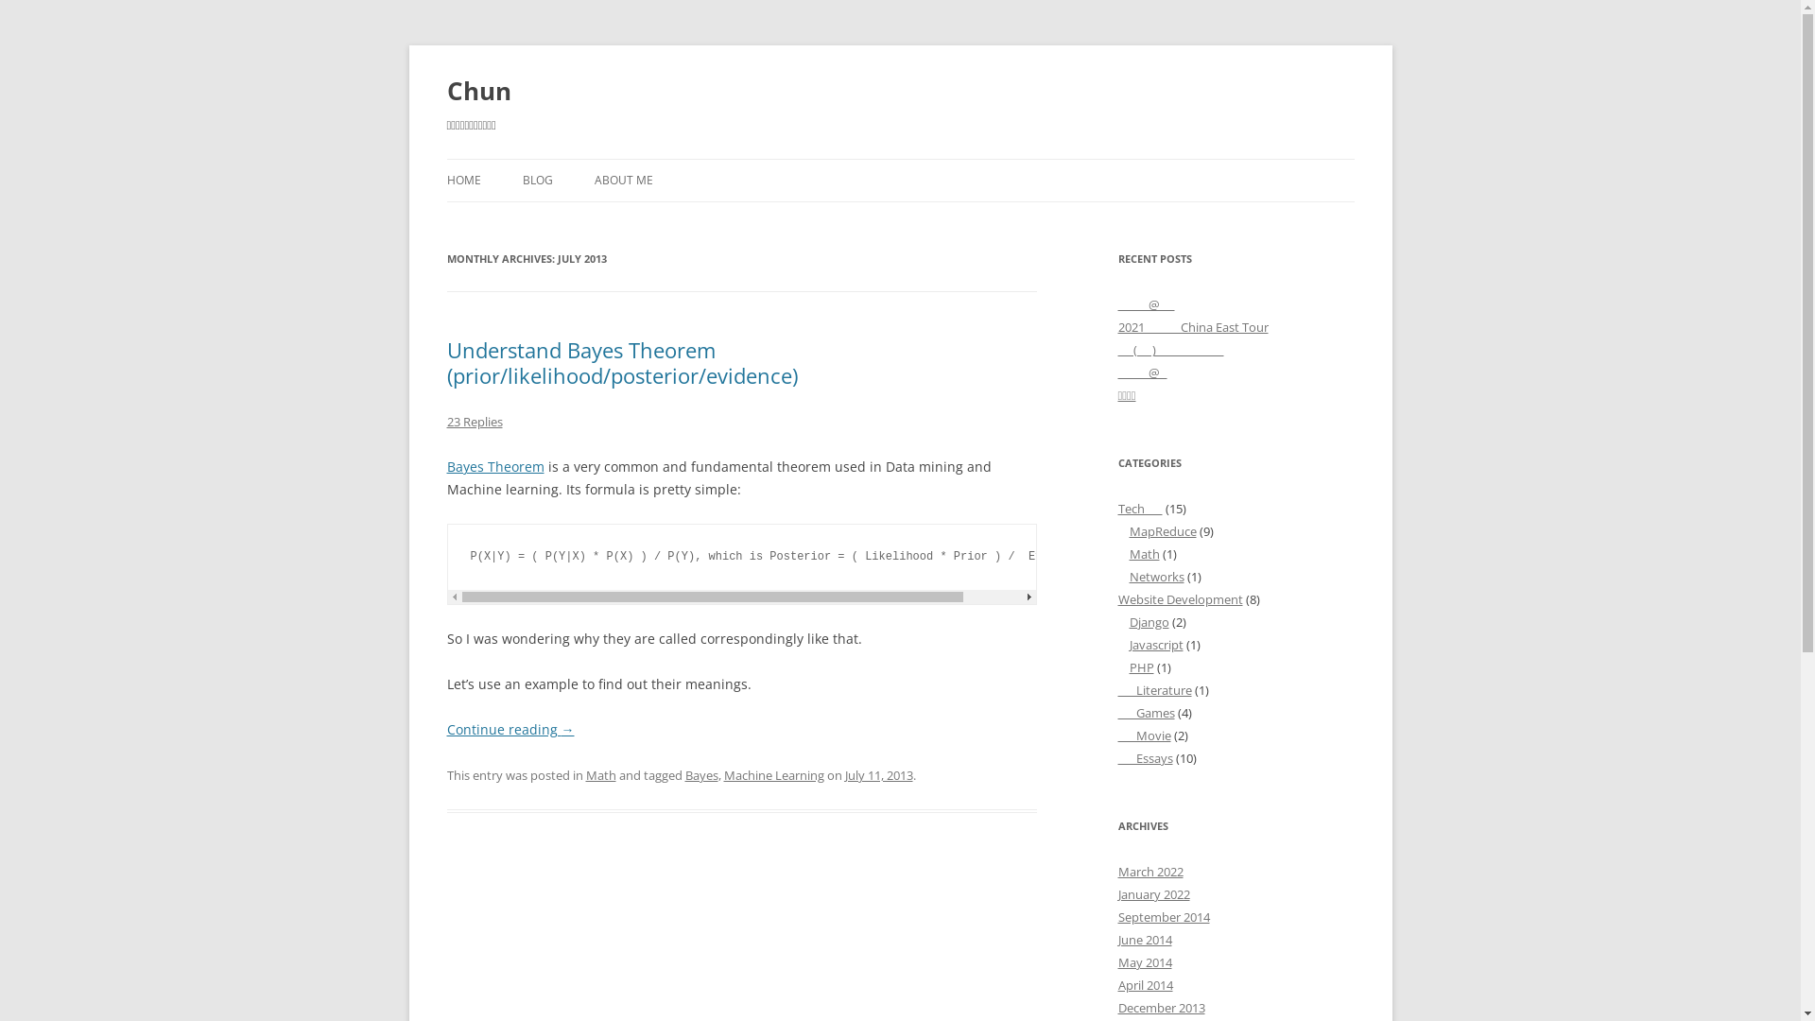  Describe the element at coordinates (1151, 893) in the screenshot. I see `'January 2022'` at that location.